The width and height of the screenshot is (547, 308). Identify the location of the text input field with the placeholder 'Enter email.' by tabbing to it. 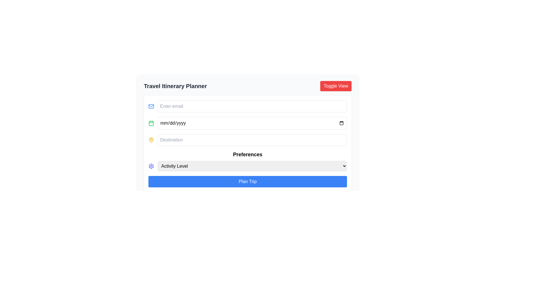
(252, 106).